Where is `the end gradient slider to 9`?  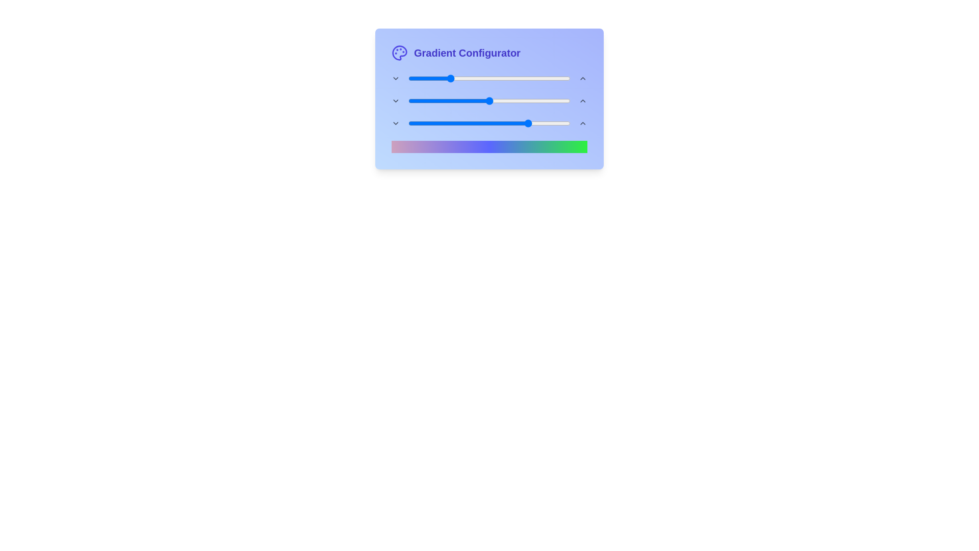
the end gradient slider to 9 is located at coordinates (423, 123).